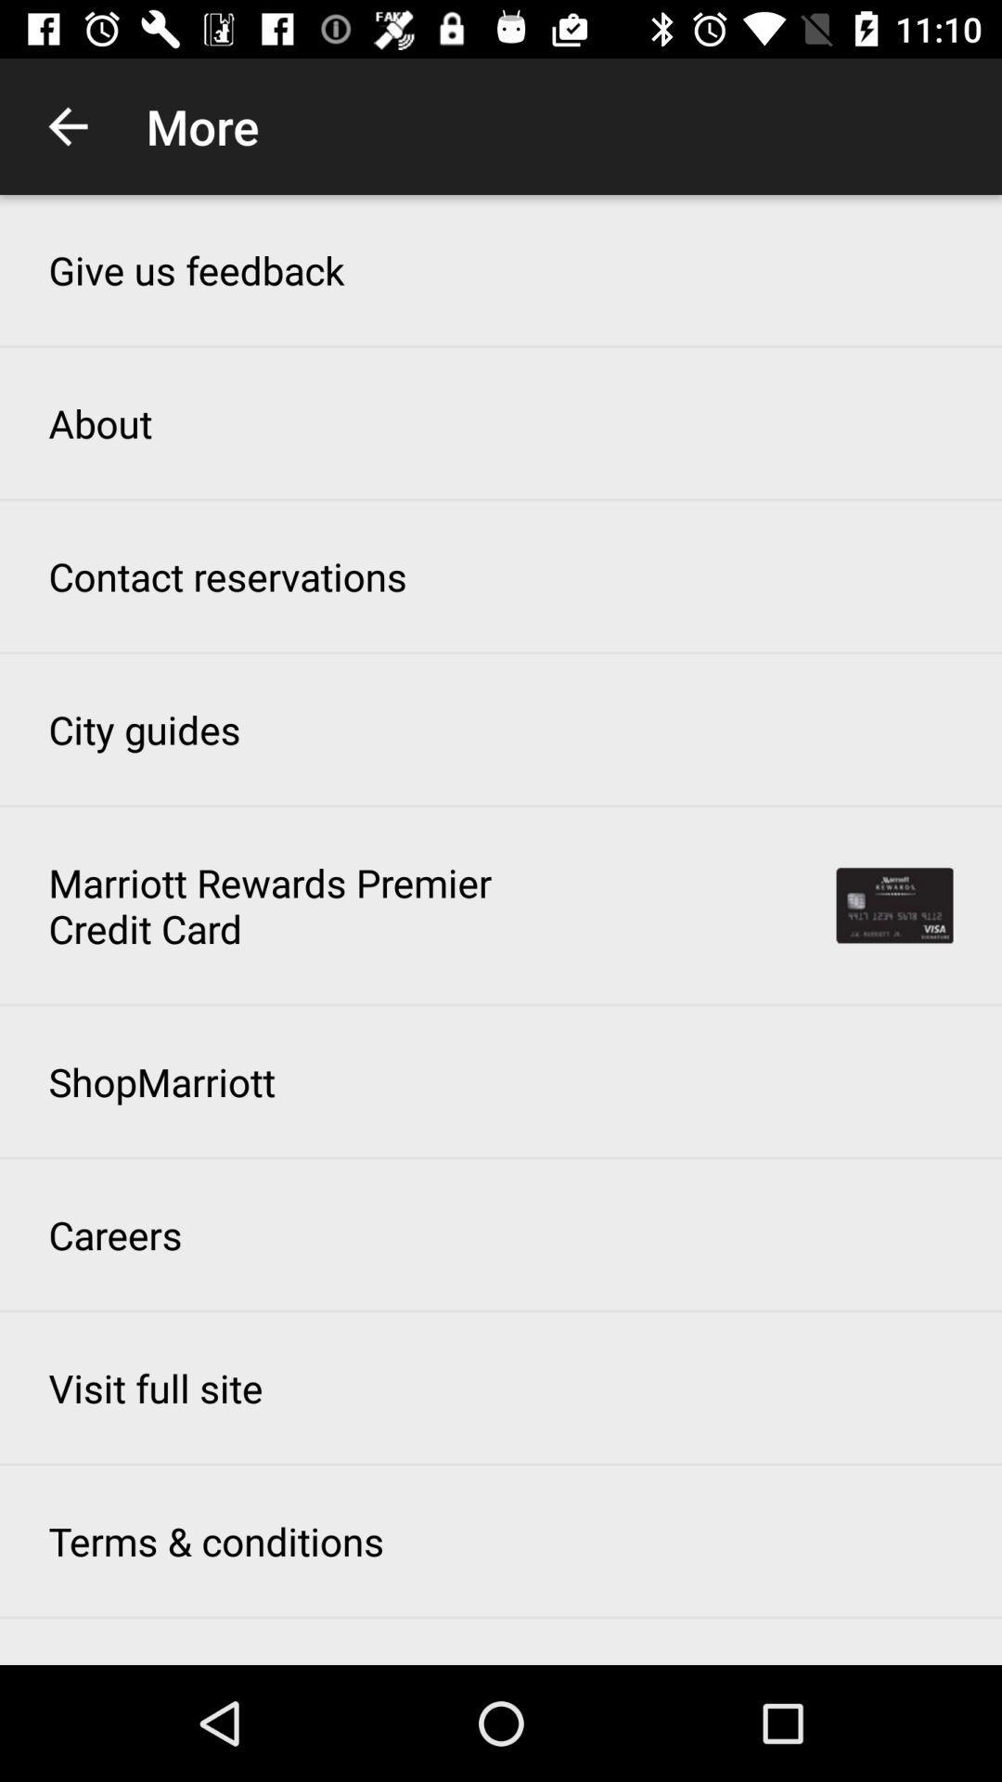 This screenshot has height=1782, width=1002. What do you see at coordinates (115, 1234) in the screenshot?
I see `icon above the visit full site item` at bounding box center [115, 1234].